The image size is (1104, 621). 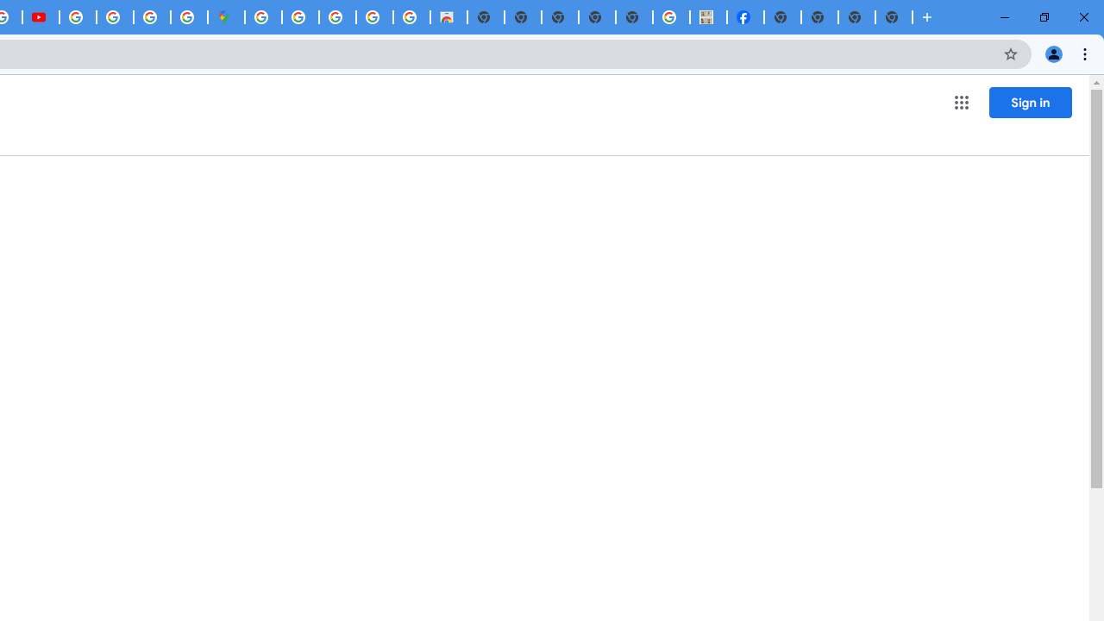 What do you see at coordinates (448, 17) in the screenshot?
I see `'Chrome Web Store - Shopping'` at bounding box center [448, 17].